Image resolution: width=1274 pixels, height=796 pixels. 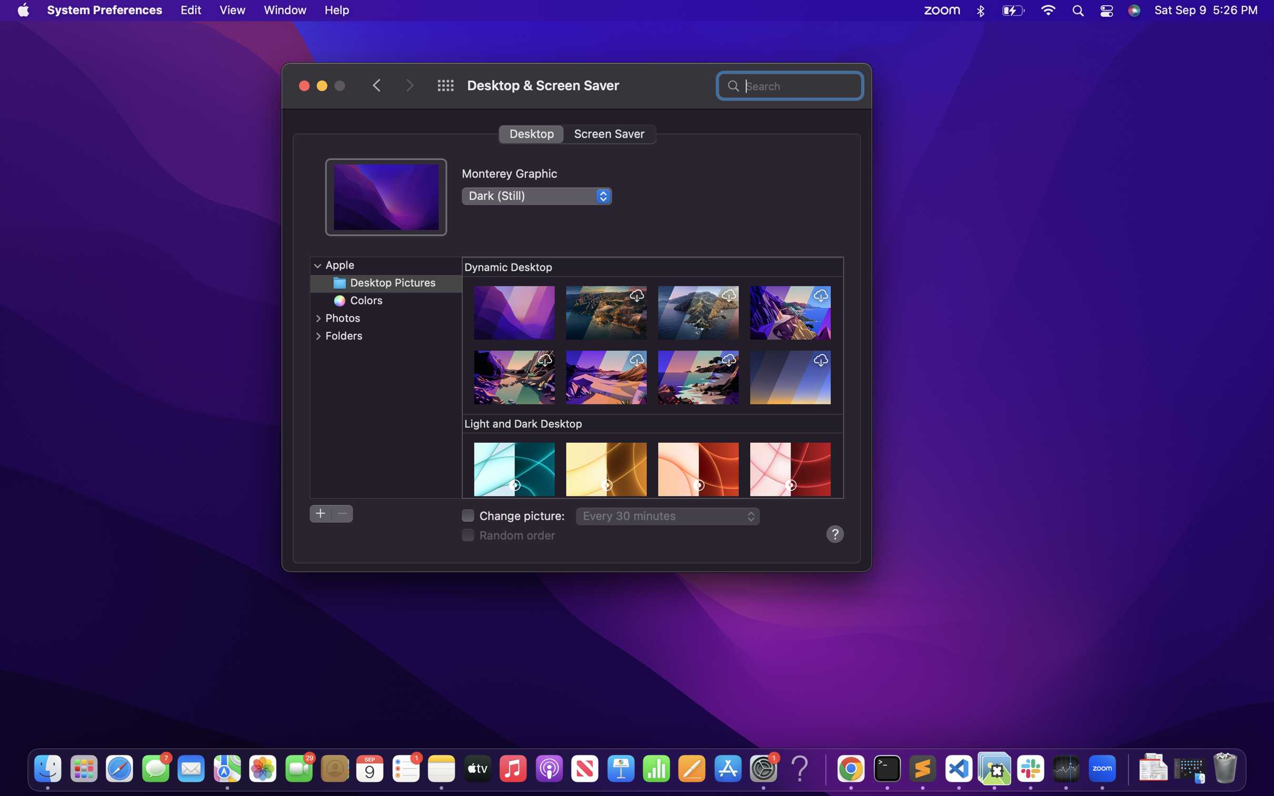 I want to click on the user manual, so click(x=834, y=533).